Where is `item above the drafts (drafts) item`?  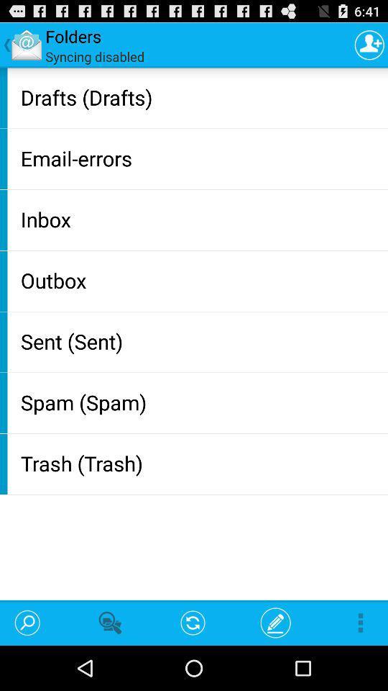 item above the drafts (drafts) item is located at coordinates (369, 45).